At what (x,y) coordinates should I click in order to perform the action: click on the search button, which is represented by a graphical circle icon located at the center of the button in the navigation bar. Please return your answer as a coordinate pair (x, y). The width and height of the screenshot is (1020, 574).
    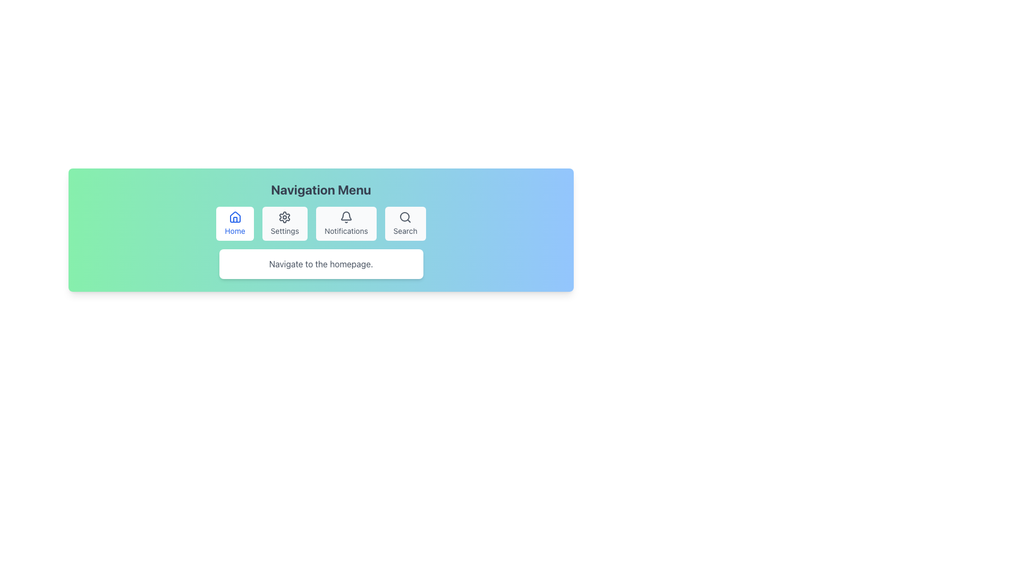
    Looking at the image, I should click on (404, 216).